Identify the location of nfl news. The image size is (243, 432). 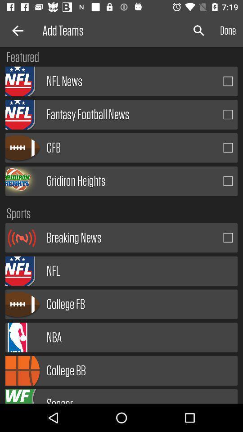
(228, 81).